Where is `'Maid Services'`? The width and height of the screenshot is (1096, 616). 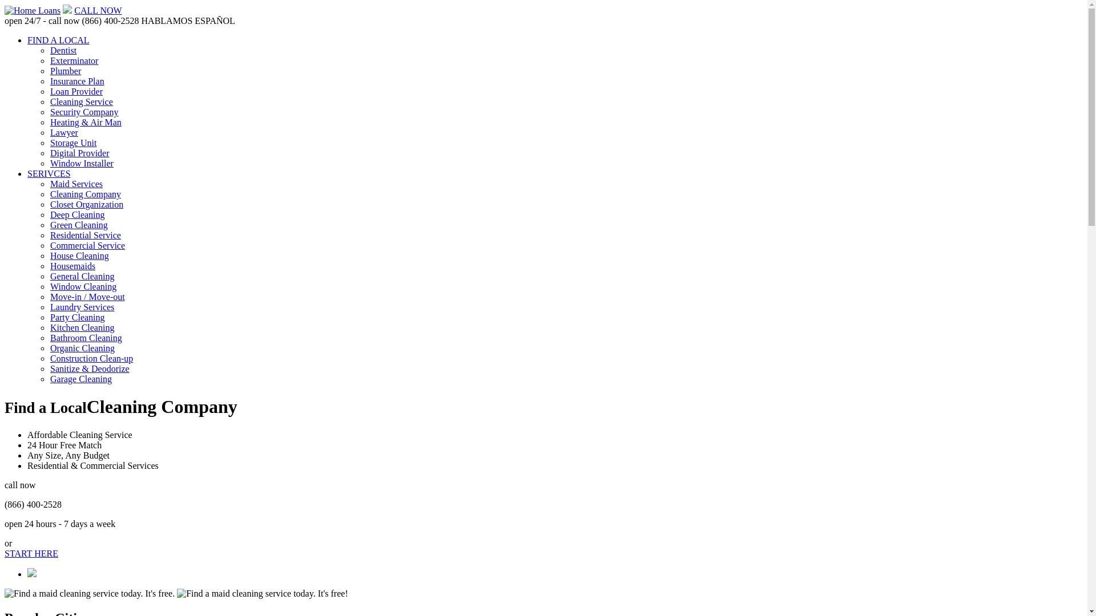
'Maid Services' is located at coordinates (76, 183).